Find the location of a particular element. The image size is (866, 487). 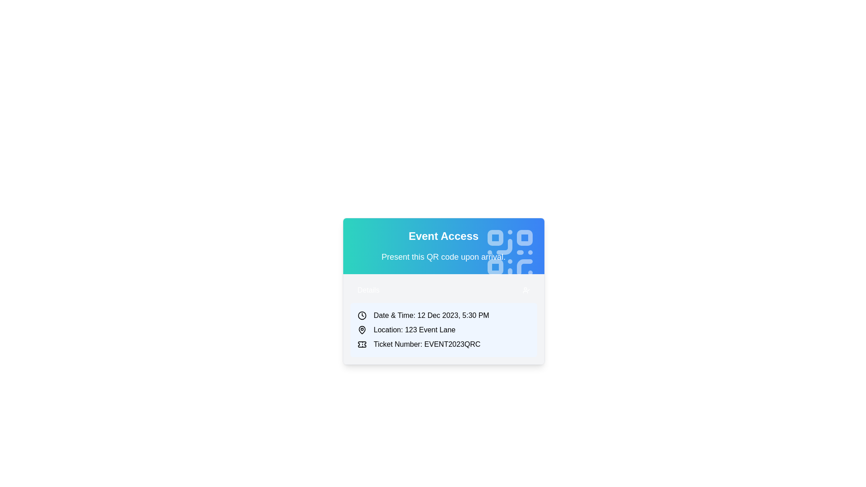

the text label styled in bold, extra-large font that says 'Event Access', located at the top section of a panel with a gradient background is located at coordinates (443, 236).